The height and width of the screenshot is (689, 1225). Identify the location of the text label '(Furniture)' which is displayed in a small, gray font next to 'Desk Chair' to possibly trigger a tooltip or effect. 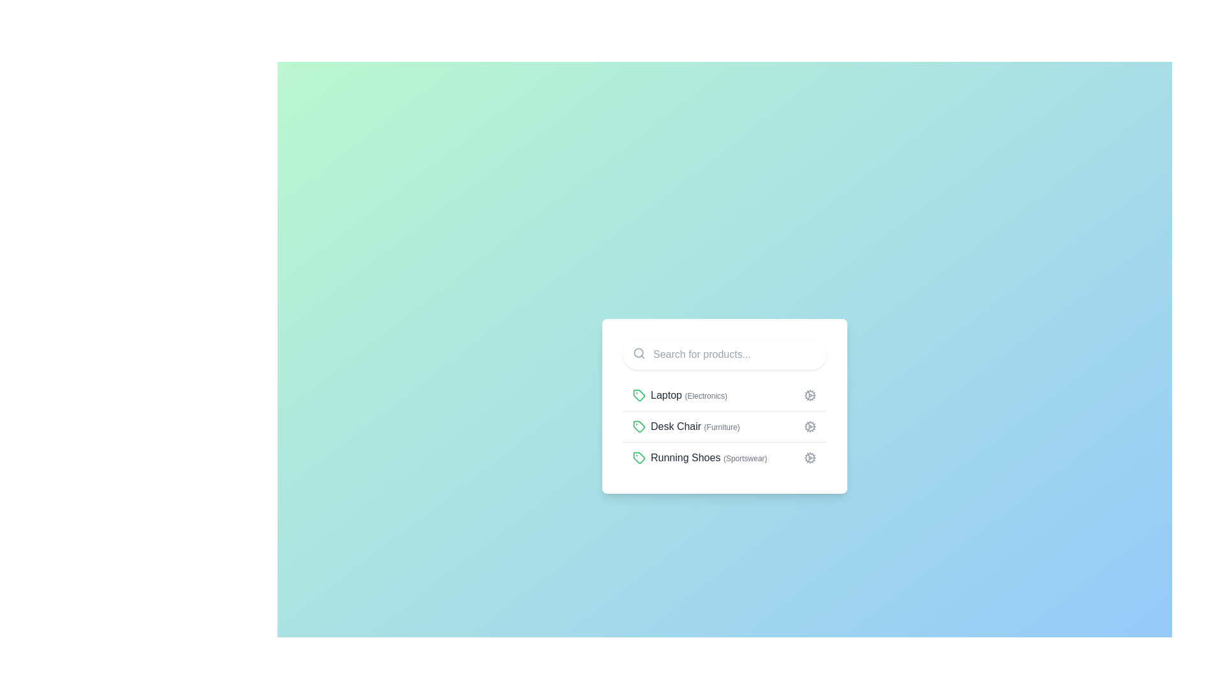
(722, 427).